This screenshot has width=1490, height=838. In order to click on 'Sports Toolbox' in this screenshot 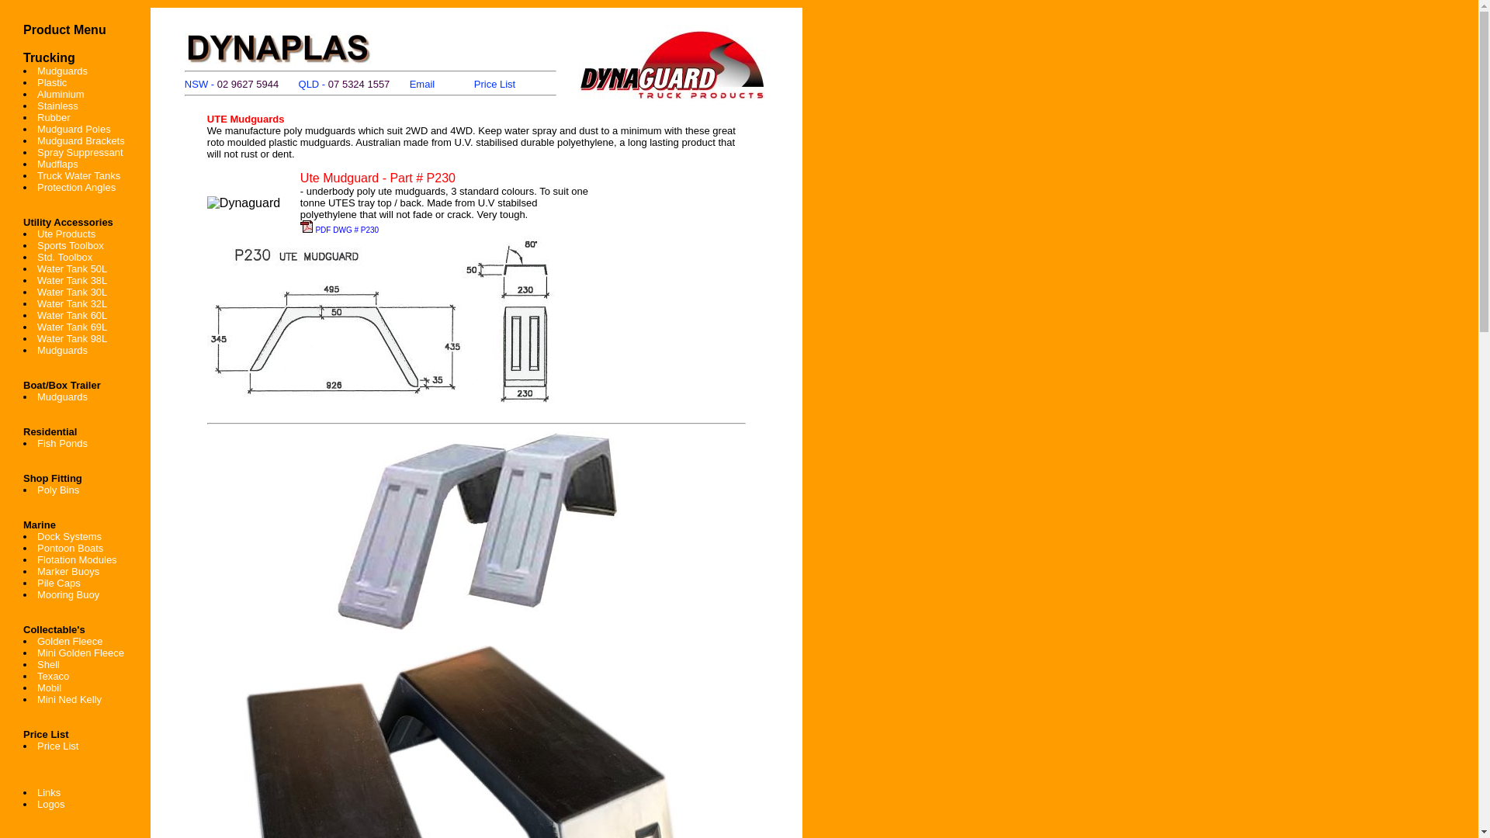, I will do `click(37, 244)`.